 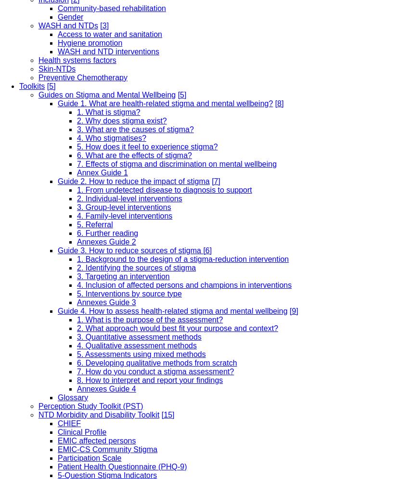 What do you see at coordinates (293, 310) in the screenshot?
I see `'[9]'` at bounding box center [293, 310].